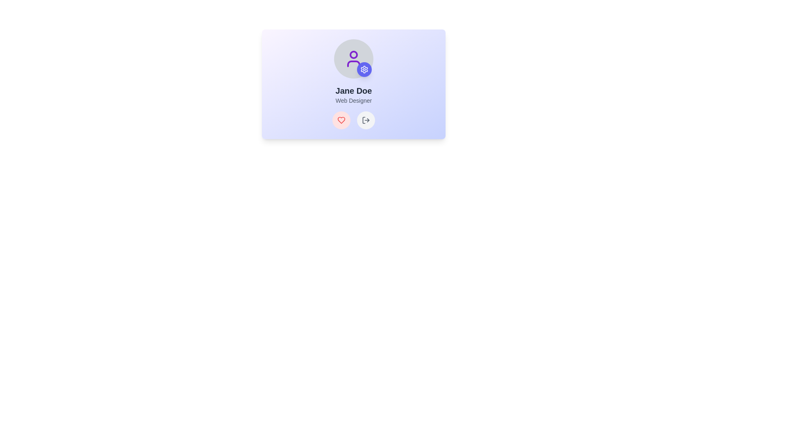 The image size is (787, 442). What do you see at coordinates (364, 69) in the screenshot?
I see `the gear icon, which is styled in white with a line-art representation and located at the bottom-right corner of a card component` at bounding box center [364, 69].